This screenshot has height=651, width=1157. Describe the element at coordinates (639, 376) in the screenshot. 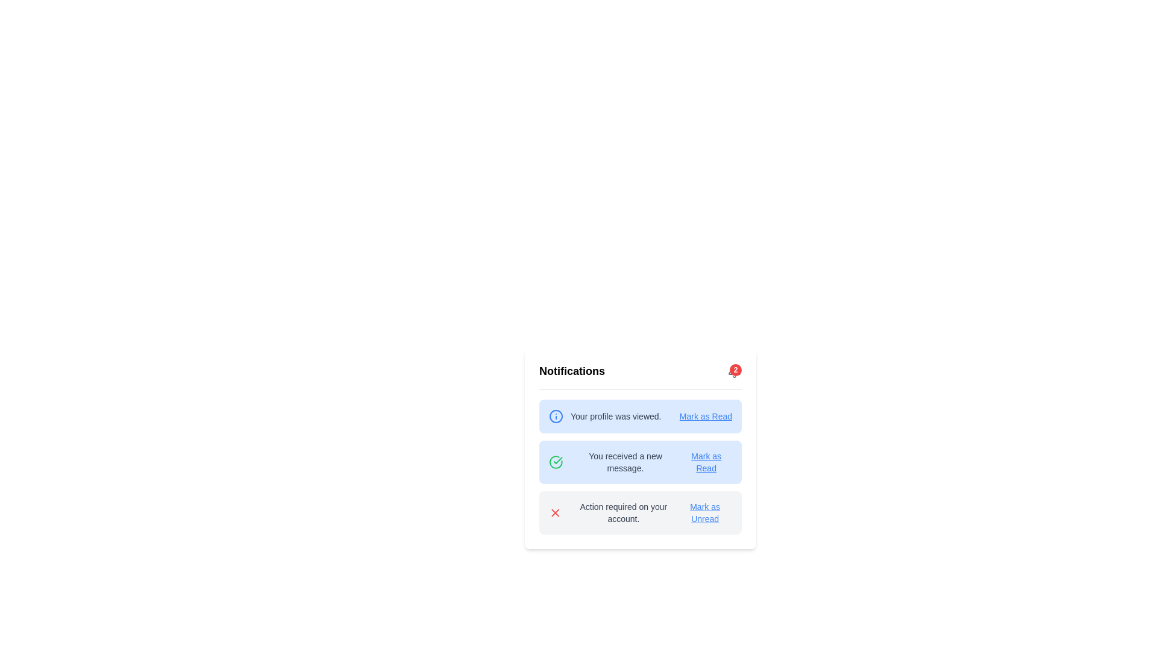

I see `the 'Notifications' header with the red circular badge showing the number '2' to interact with its sub-elements` at that location.